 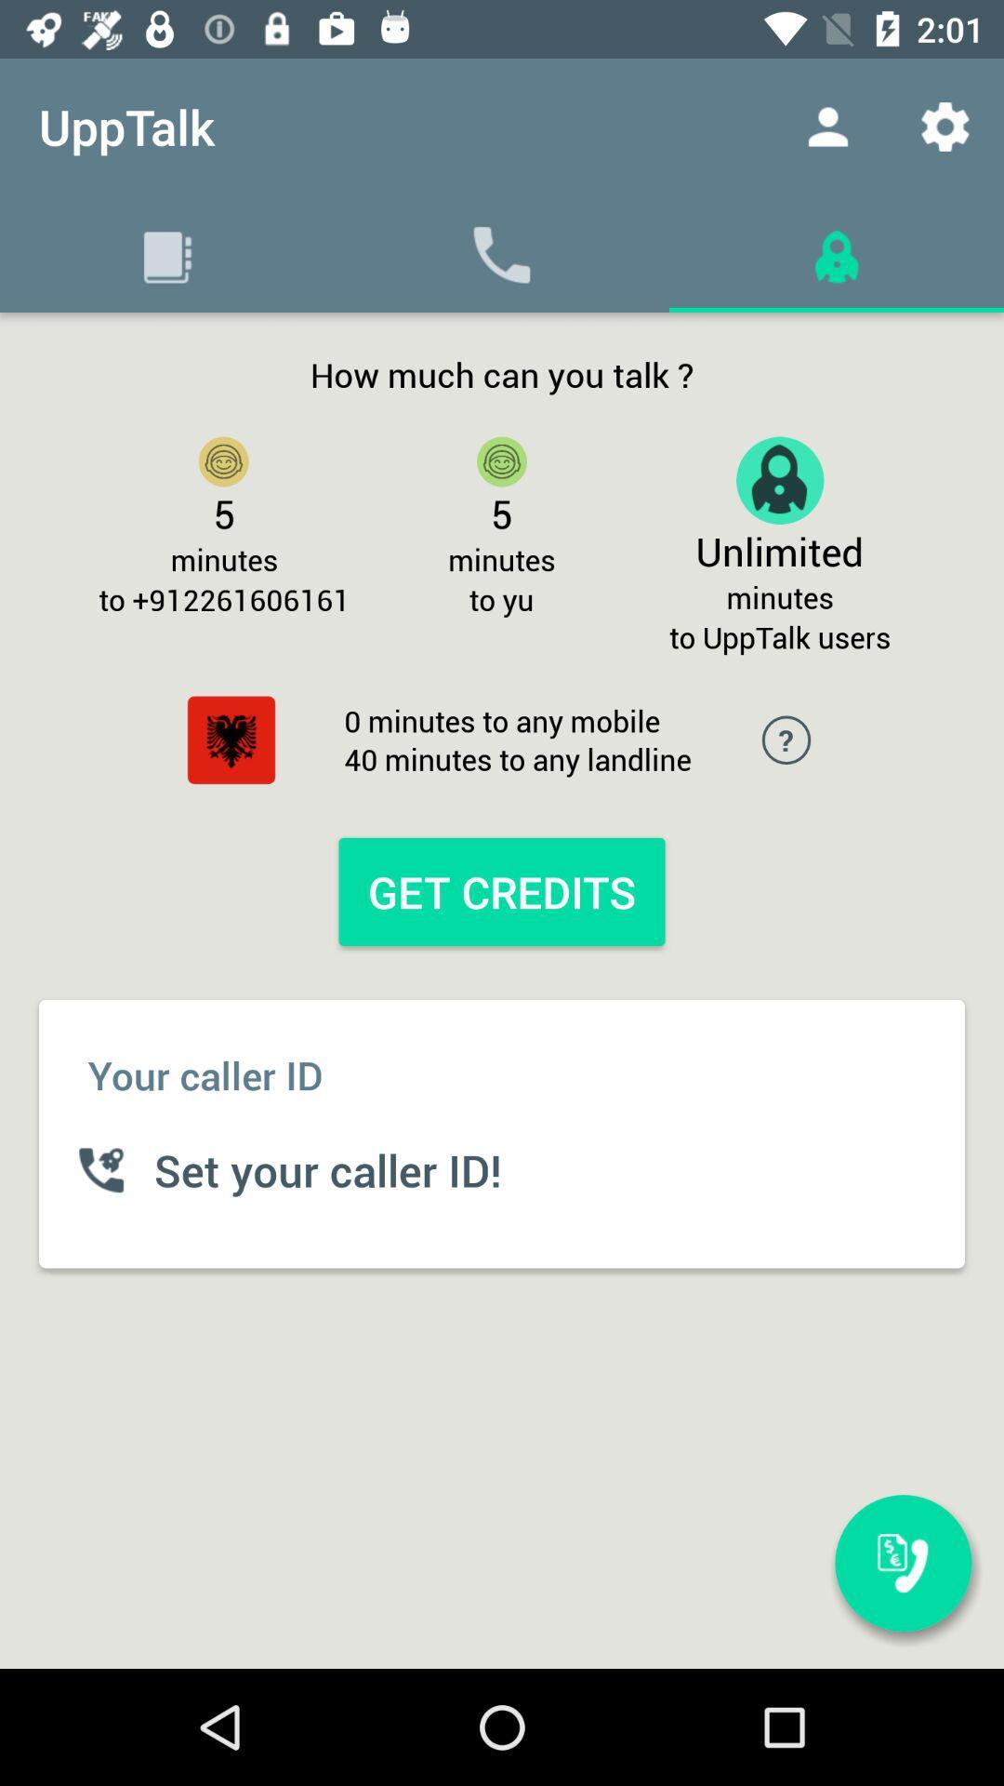 I want to click on call icon which is at bottom right corner of the page, so click(x=903, y=1563).